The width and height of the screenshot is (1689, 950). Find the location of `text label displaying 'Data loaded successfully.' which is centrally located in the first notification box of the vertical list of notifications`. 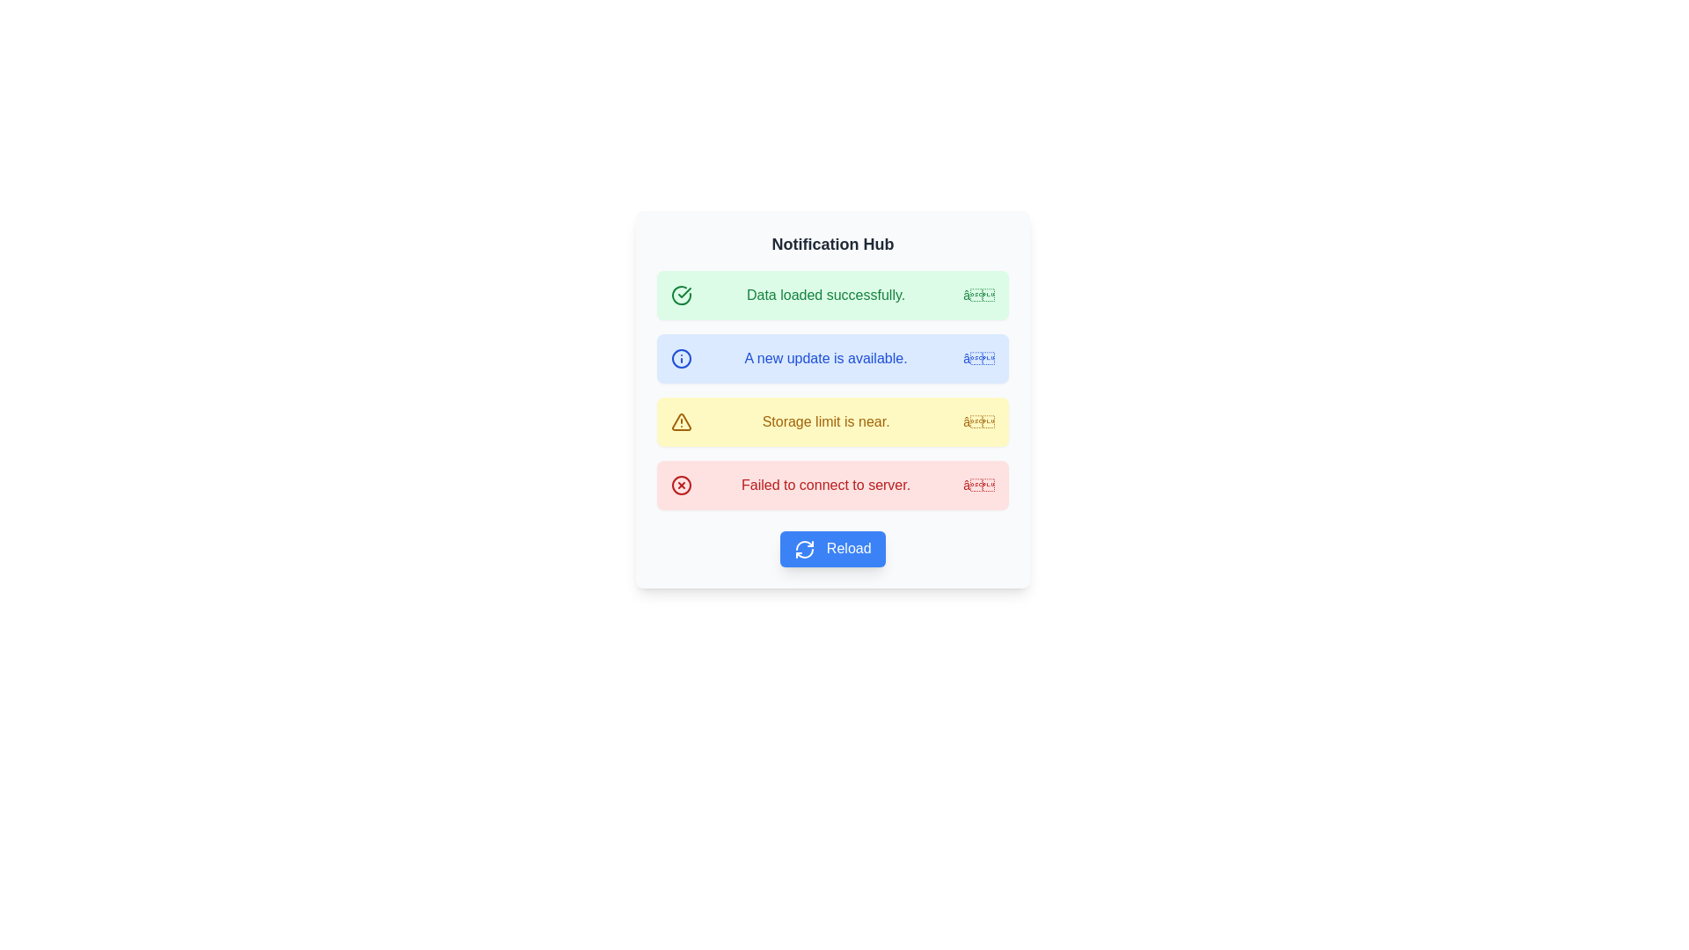

text label displaying 'Data loaded successfully.' which is centrally located in the first notification box of the vertical list of notifications is located at coordinates (825, 294).